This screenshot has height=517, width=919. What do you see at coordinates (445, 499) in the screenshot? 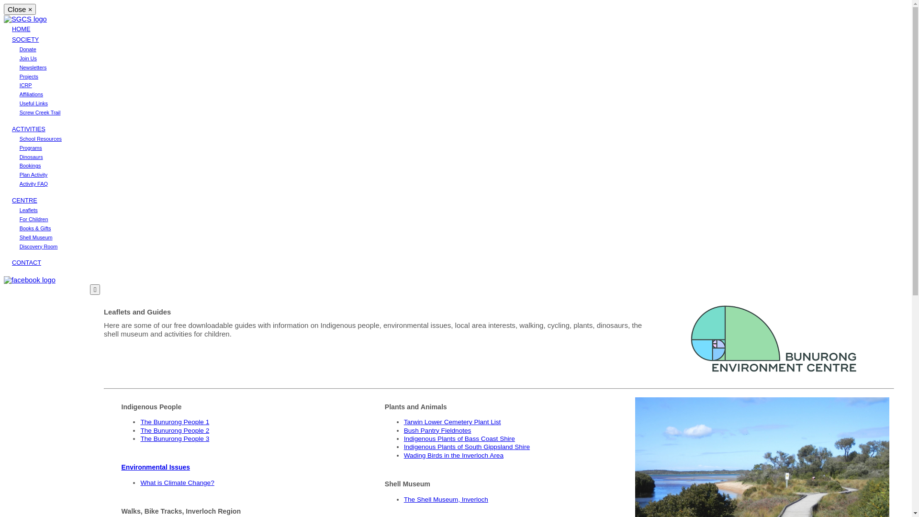
I see `'The Shell Museum, Inverloch'` at bounding box center [445, 499].